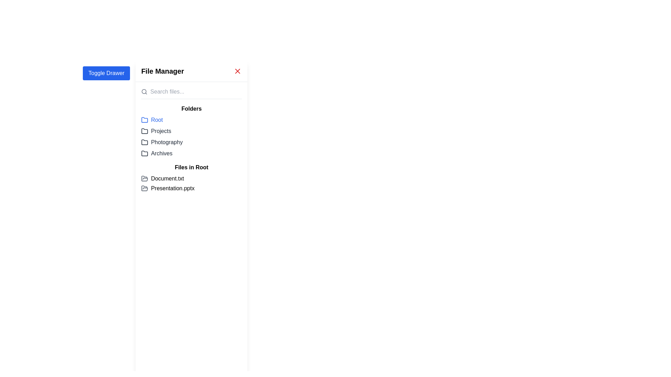  Describe the element at coordinates (192, 93) in the screenshot. I see `the horizontal search bar with the placeholder 'Search files...' located near the top of the 'File Manager' interface` at that location.